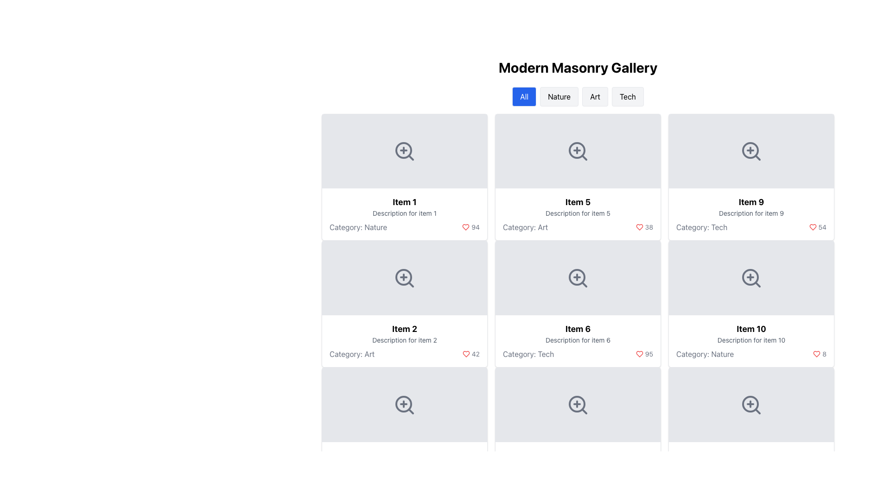 The height and width of the screenshot is (500, 890). I want to click on the magnifying glass button represented by the diagonal line in the bottom-left grid cell corresponding to 'Item 2' in the gallery, so click(410, 411).